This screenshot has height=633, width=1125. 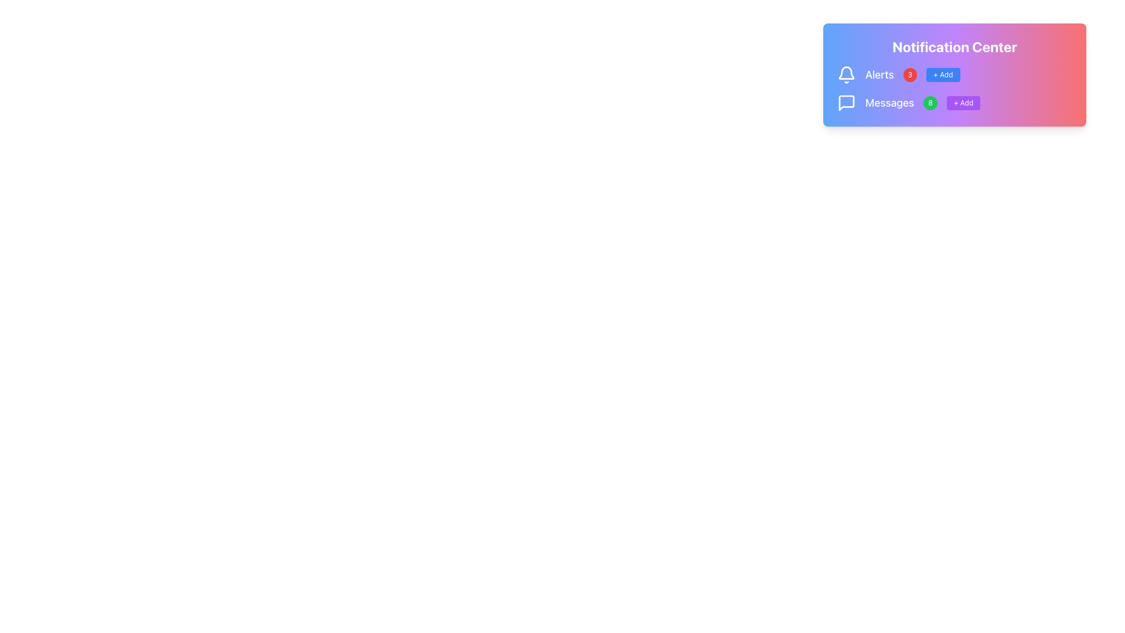 What do you see at coordinates (846, 103) in the screenshot?
I see `the speech bubble icon located in the Notification Center, which is outlined in blue and positioned left of the 'Messages' text with a green badge showing the number 8` at bounding box center [846, 103].